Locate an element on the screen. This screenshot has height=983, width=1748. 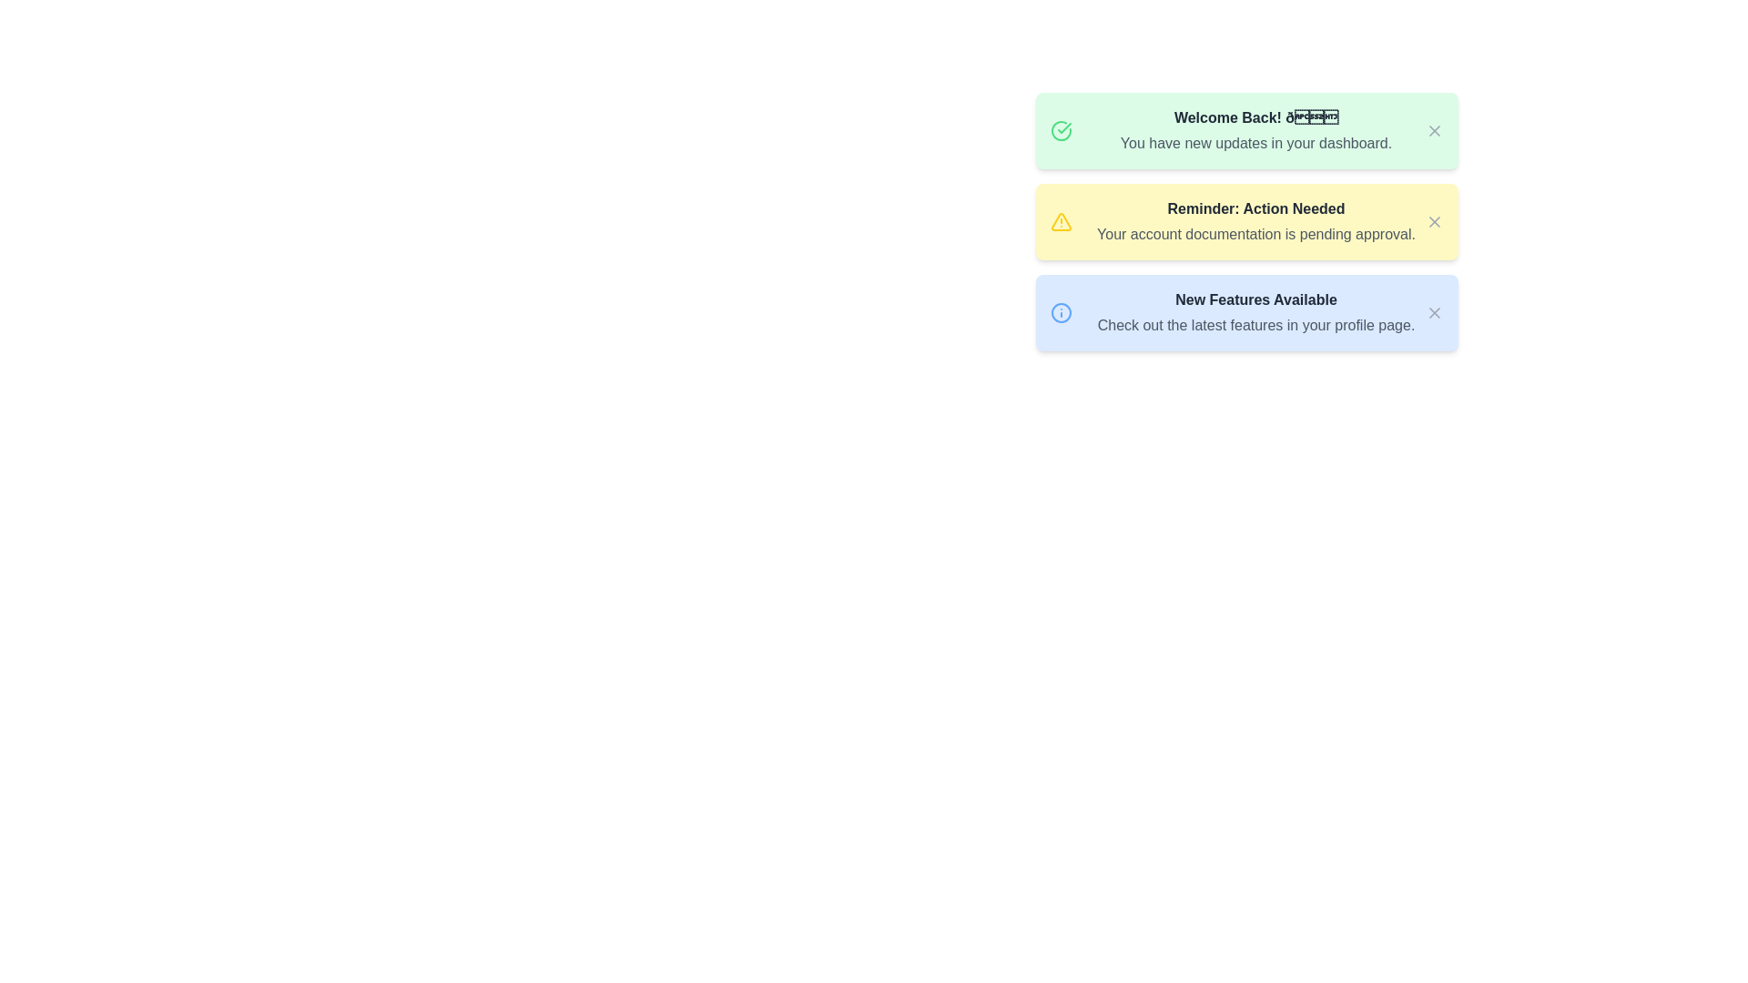
the circular checkmark icon located at the top left corner of the green rectangular panel with the 'Welcome Back!' message is located at coordinates (1062, 129).